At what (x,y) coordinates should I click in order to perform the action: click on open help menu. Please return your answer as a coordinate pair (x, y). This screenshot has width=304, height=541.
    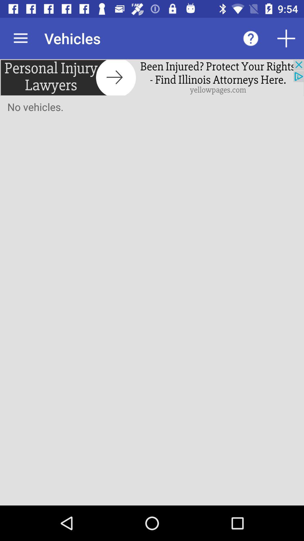
    Looking at the image, I should click on (251, 38).